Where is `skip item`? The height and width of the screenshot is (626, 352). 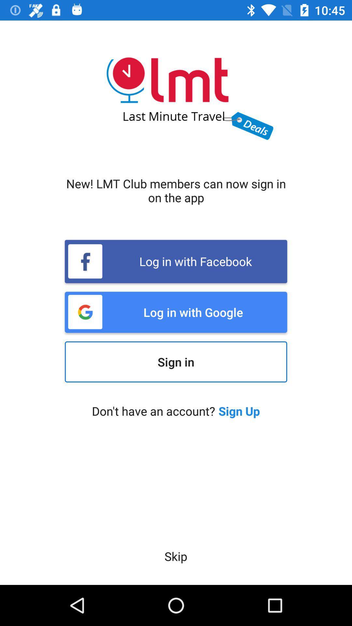 skip item is located at coordinates (175, 556).